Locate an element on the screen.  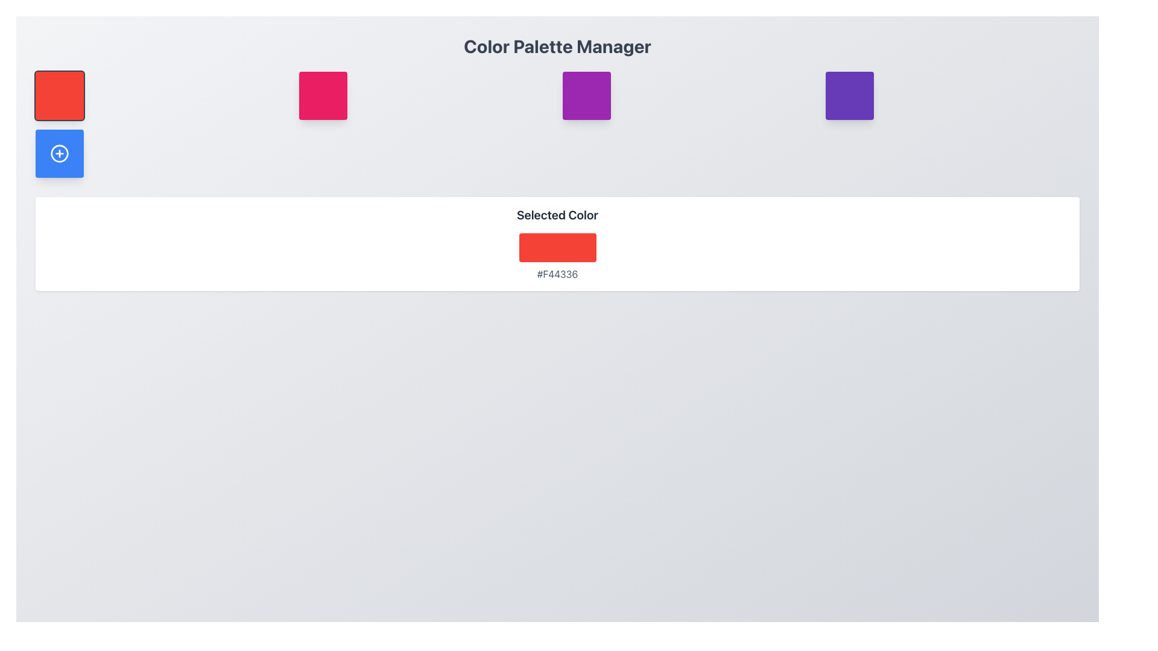
hexadecimal color code displayed in a medium-sized, gray-colored font, which is located below the rectangular color block in the 'Selected Color' section is located at coordinates (557, 274).